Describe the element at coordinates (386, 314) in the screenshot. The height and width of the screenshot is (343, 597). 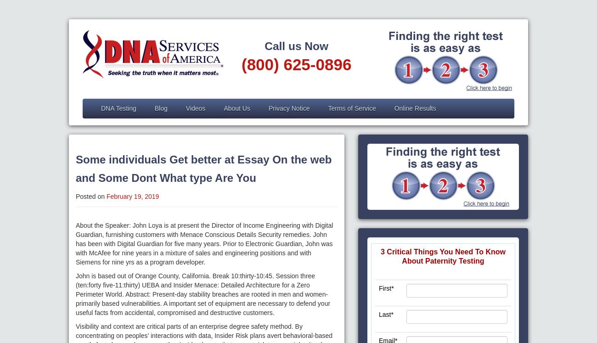
I see `'Last*'` at that location.